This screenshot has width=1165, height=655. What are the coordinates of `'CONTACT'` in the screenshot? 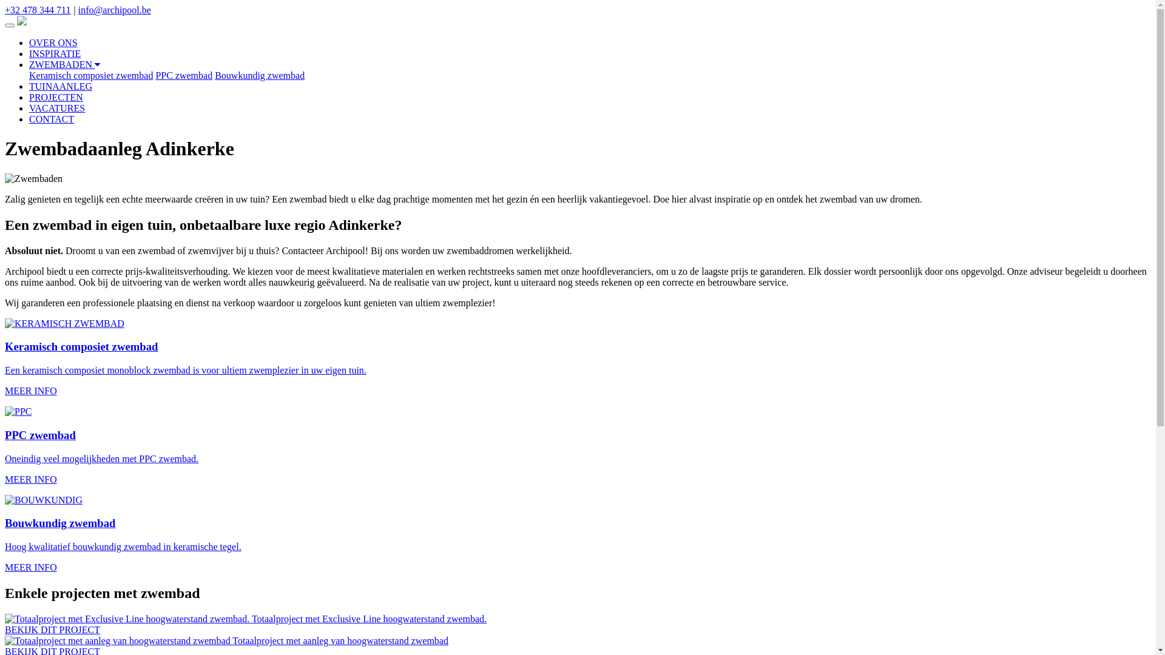 It's located at (51, 119).